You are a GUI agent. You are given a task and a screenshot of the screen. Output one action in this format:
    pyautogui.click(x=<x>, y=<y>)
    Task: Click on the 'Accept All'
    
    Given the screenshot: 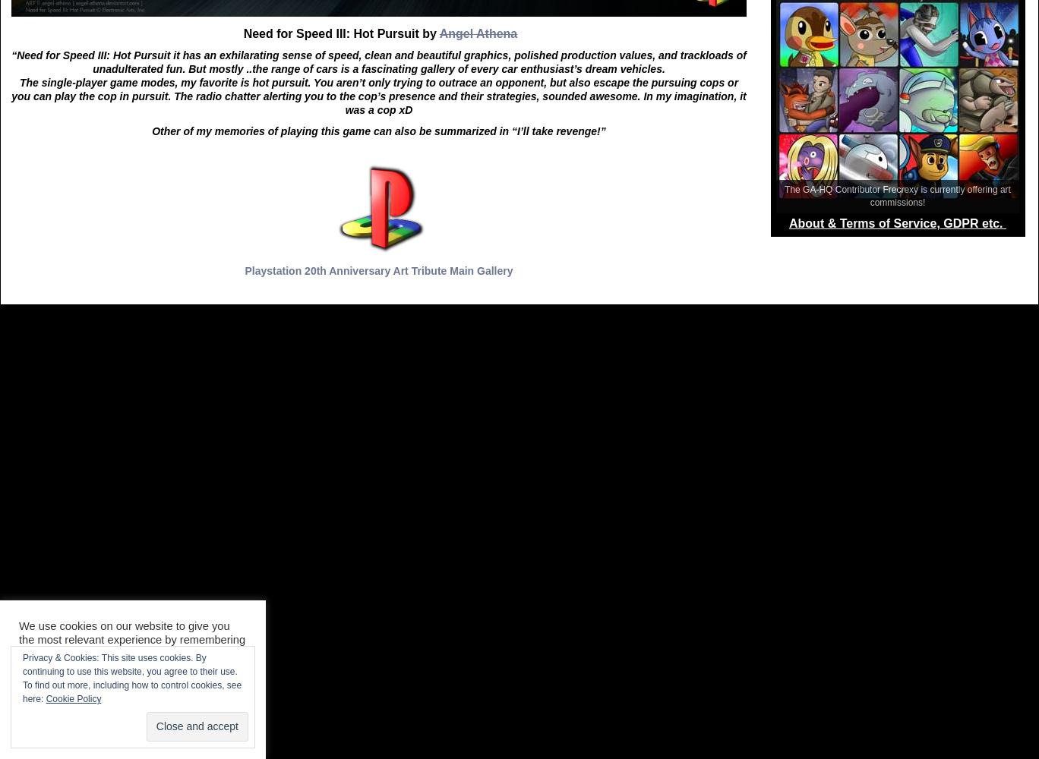 What is the action you would take?
    pyautogui.click(x=144, y=723)
    